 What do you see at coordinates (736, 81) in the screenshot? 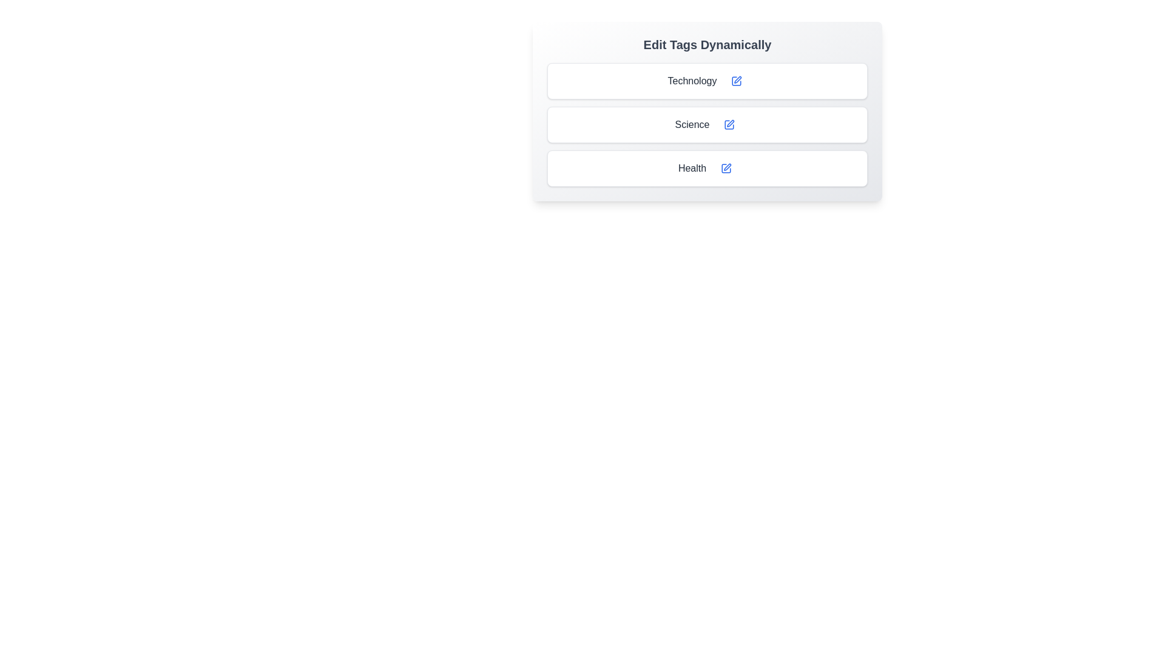
I see `the edit icon next to the Technology tag` at bounding box center [736, 81].